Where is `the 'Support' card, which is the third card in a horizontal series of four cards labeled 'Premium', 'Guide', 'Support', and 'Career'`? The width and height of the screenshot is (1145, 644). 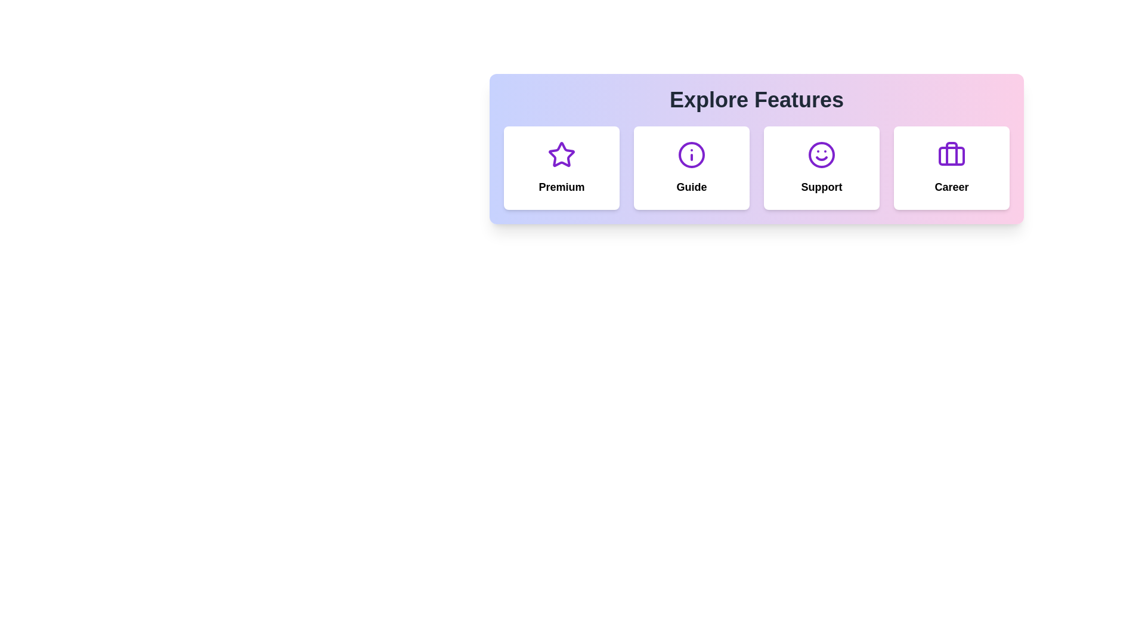
the 'Support' card, which is the third card in a horizontal series of four cards labeled 'Premium', 'Guide', 'Support', and 'Career' is located at coordinates (821, 168).